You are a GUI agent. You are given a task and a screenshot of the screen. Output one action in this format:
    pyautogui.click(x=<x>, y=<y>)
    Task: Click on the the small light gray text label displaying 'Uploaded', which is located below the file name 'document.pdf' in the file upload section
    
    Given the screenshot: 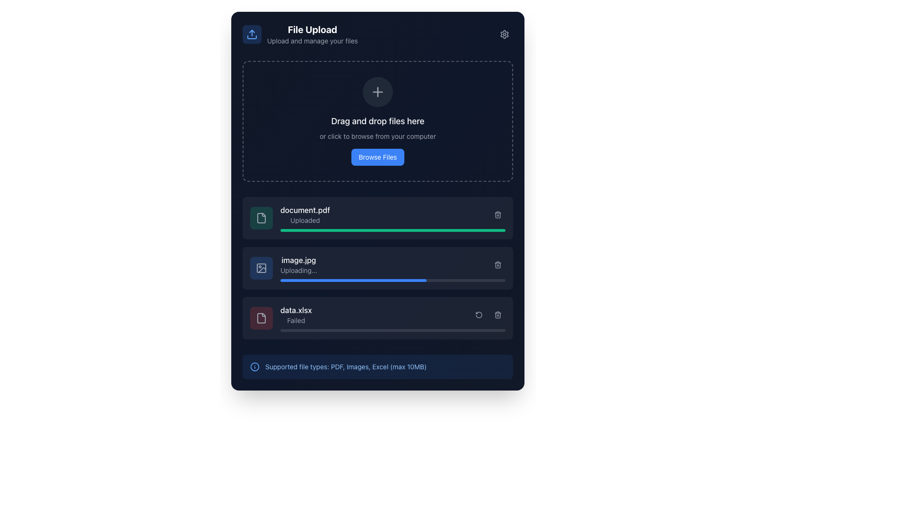 What is the action you would take?
    pyautogui.click(x=305, y=220)
    